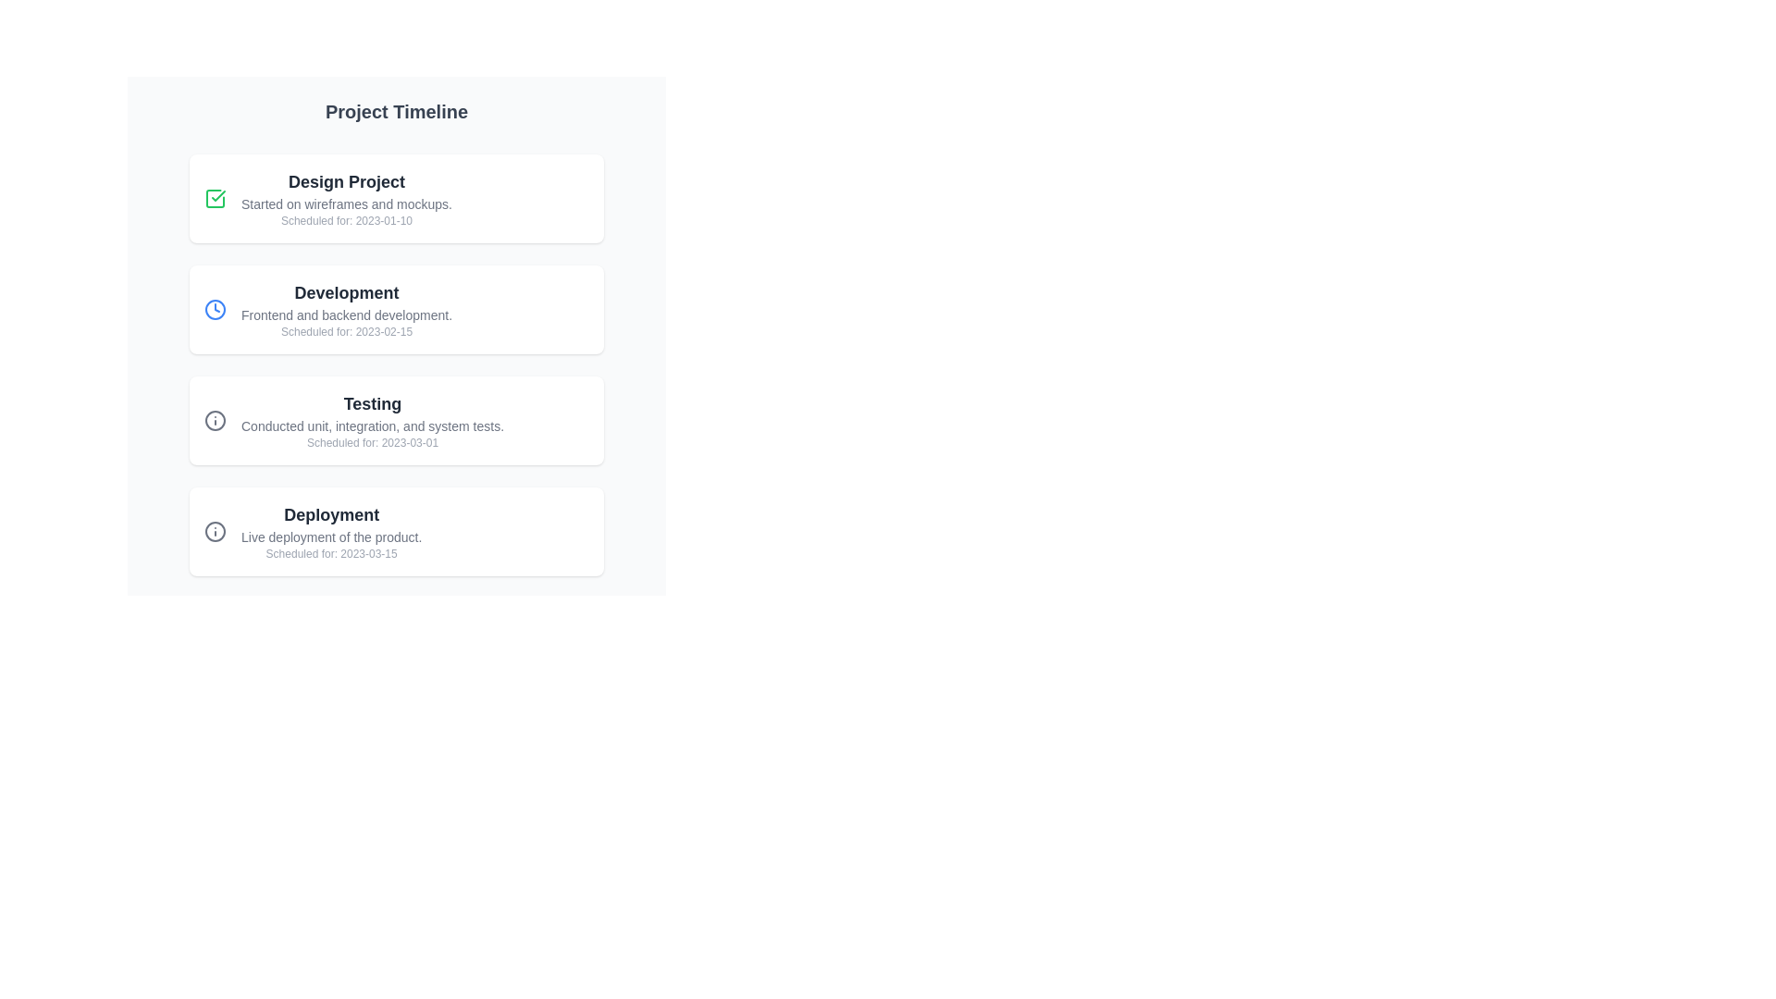  Describe the element at coordinates (218, 196) in the screenshot. I see `the green checkmark icon within the SVG graphic that represents the first item in the timeline labeled 'Design Project', if it is interactive` at that location.